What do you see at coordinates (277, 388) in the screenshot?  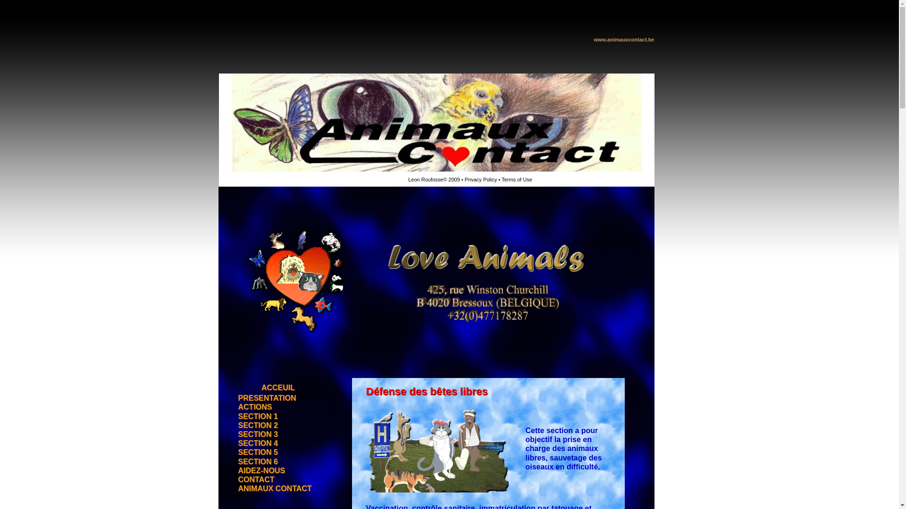 I see `'ACCEUIL'` at bounding box center [277, 388].